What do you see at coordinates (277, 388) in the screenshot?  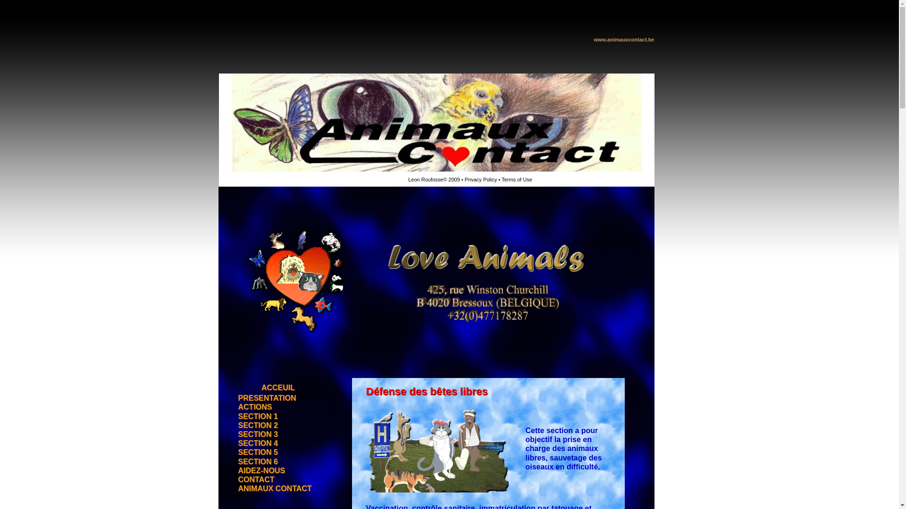 I see `'ACCEUIL'` at bounding box center [277, 388].